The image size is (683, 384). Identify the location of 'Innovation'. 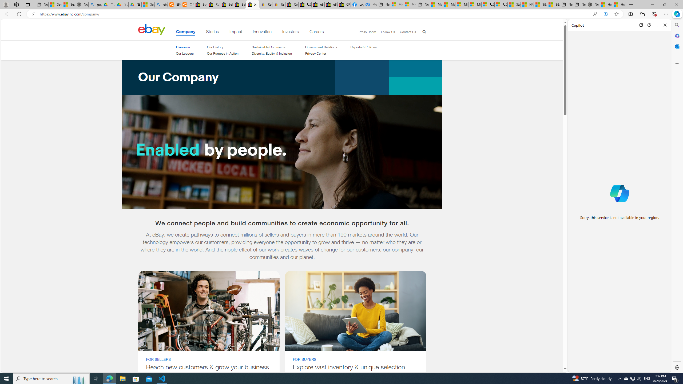
(262, 33).